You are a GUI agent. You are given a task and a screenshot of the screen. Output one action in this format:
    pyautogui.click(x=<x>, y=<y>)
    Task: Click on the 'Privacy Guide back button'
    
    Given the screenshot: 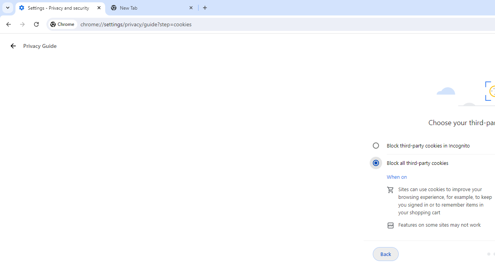 What is the action you would take?
    pyautogui.click(x=13, y=46)
    